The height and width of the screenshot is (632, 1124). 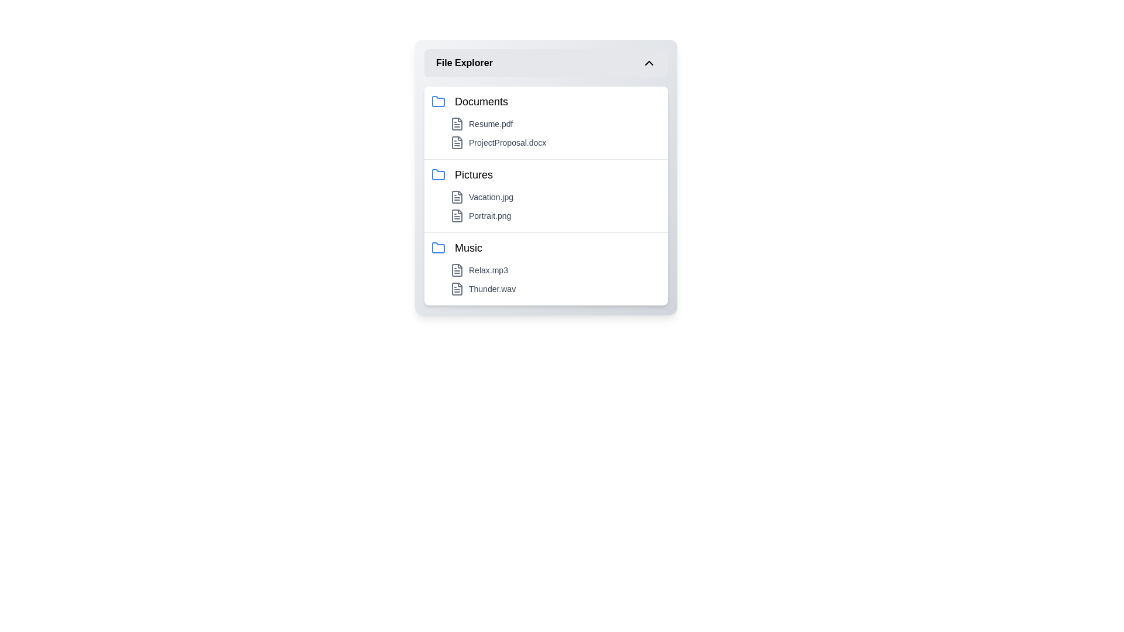 What do you see at coordinates (555, 288) in the screenshot?
I see `the file named Thunder.wav to select it` at bounding box center [555, 288].